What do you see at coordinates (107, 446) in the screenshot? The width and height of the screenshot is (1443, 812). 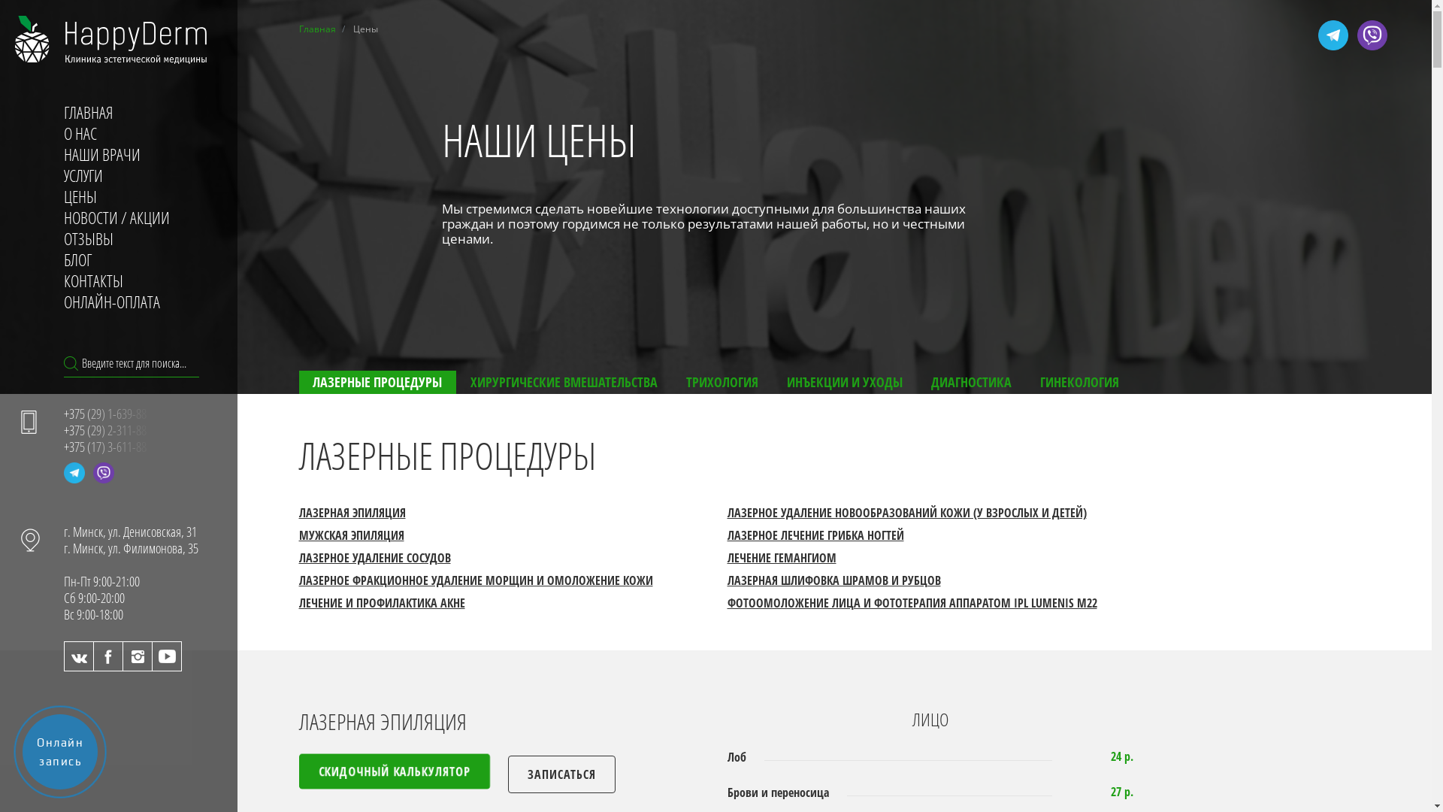 I see `'+375 (17) 3-611-88'` at bounding box center [107, 446].